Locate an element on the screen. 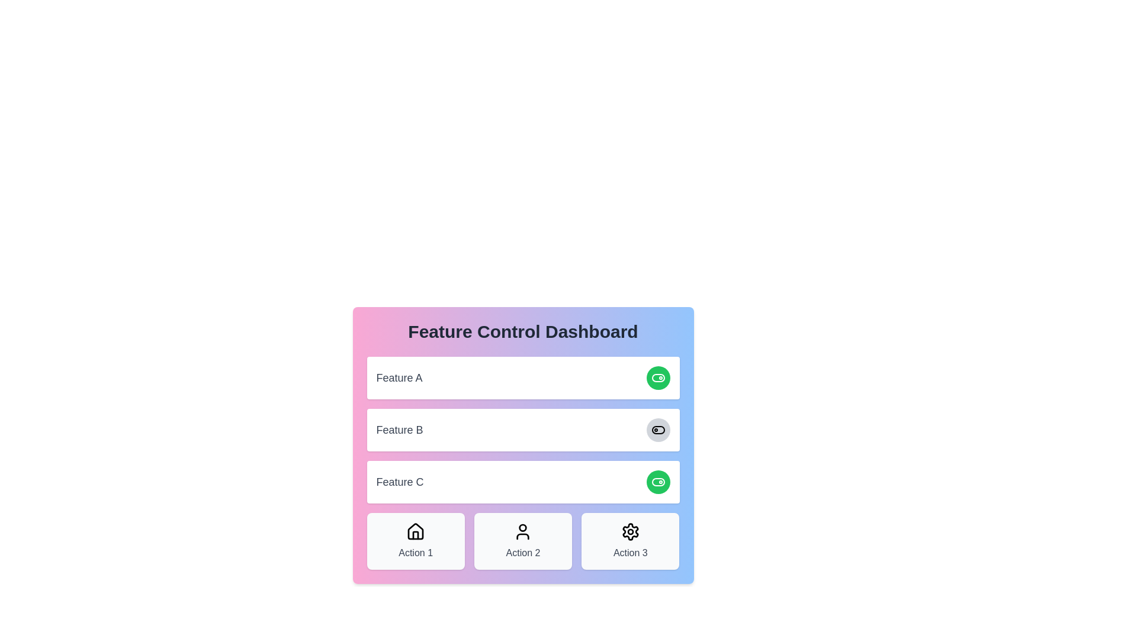 The height and width of the screenshot is (639, 1137). the rounded green toggle button with a toggle switch icon next is located at coordinates (657, 378).